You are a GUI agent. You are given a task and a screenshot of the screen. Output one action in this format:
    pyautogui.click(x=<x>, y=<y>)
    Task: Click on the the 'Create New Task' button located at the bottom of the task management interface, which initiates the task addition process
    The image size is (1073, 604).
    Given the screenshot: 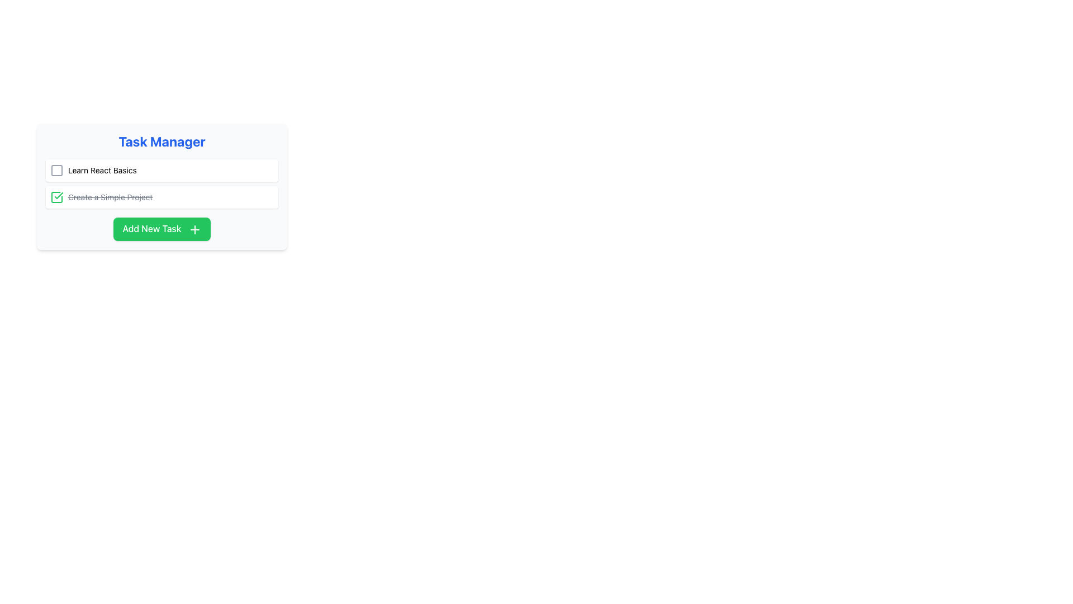 What is the action you would take?
    pyautogui.click(x=161, y=228)
    